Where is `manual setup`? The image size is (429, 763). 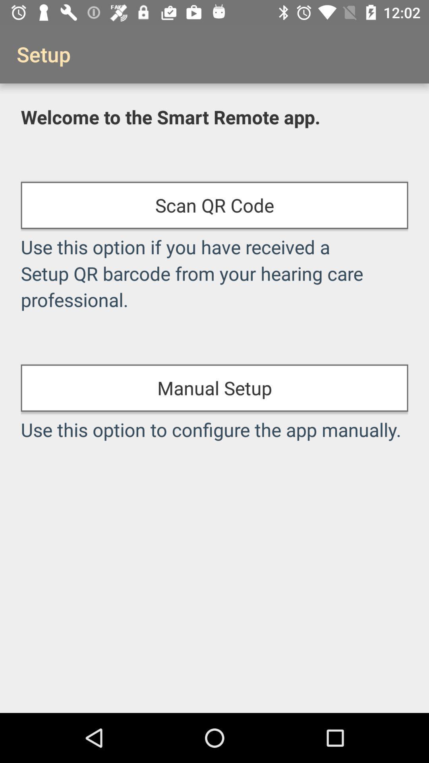
manual setup is located at coordinates (214, 388).